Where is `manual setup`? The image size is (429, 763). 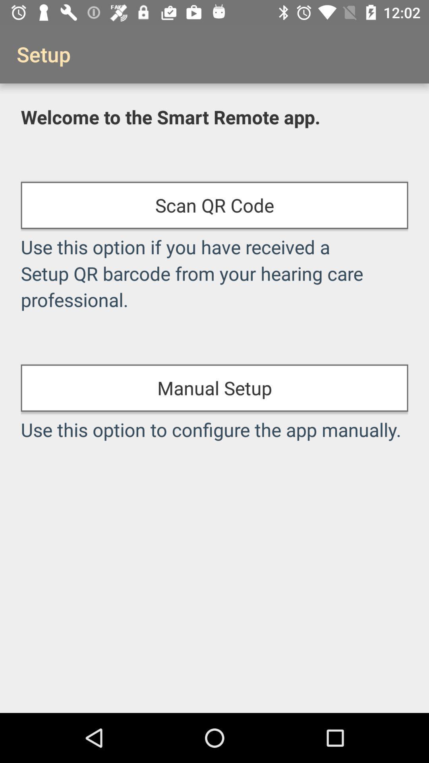
manual setup is located at coordinates (214, 388).